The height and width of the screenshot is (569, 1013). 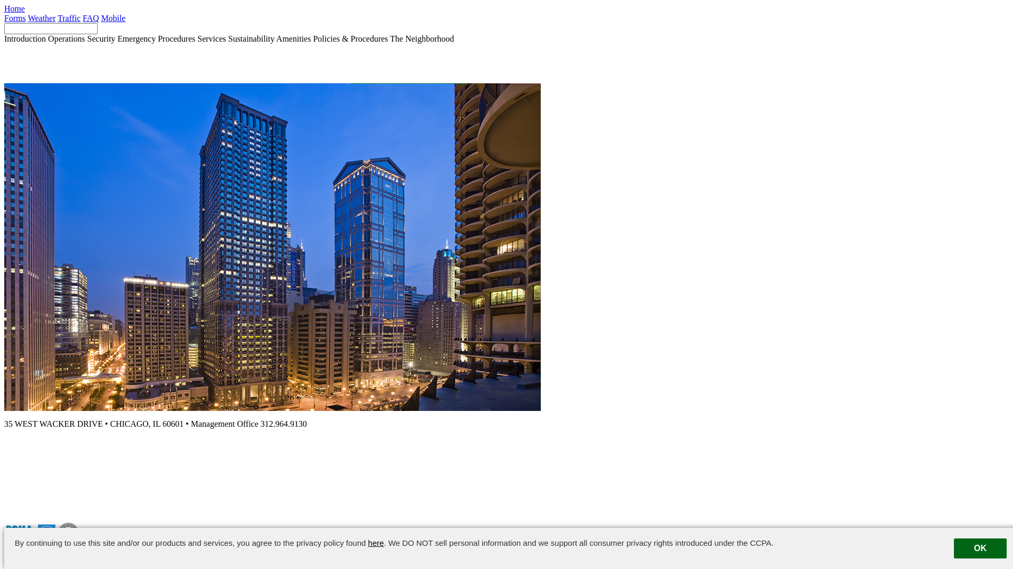 What do you see at coordinates (660, 552) in the screenshot?
I see `'Suggestion Box'` at bounding box center [660, 552].